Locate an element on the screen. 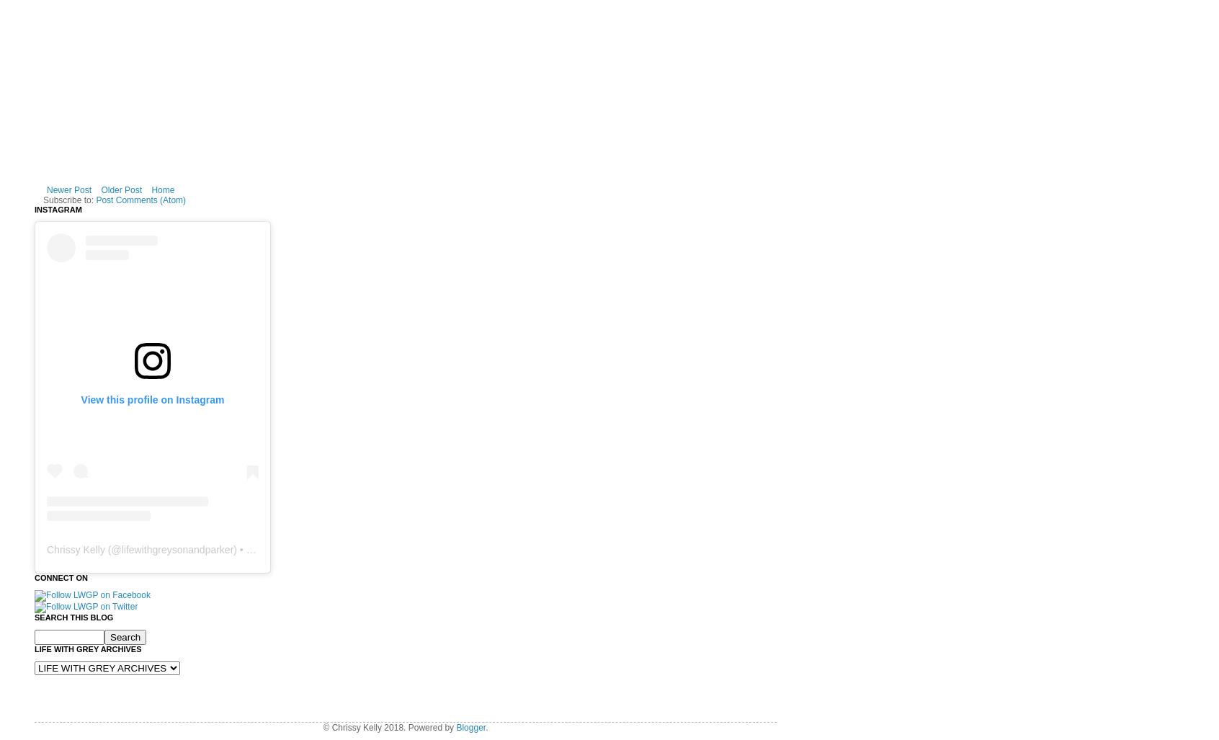  'View this profile on Instagram' is located at coordinates (151, 398).